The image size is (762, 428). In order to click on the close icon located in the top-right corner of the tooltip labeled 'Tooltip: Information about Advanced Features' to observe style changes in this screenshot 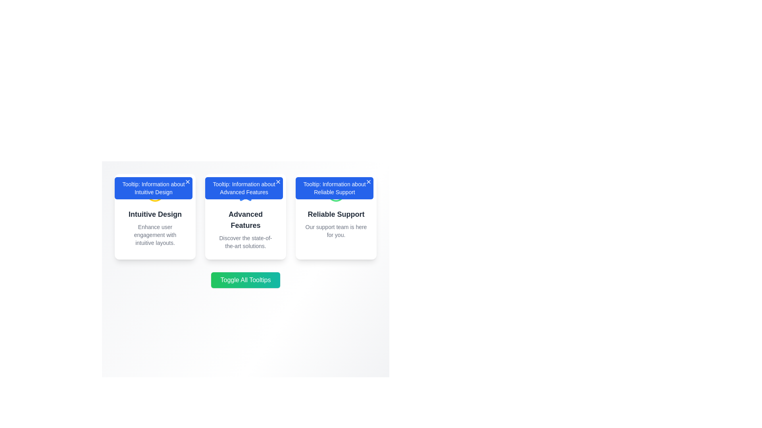, I will do `click(278, 182)`.